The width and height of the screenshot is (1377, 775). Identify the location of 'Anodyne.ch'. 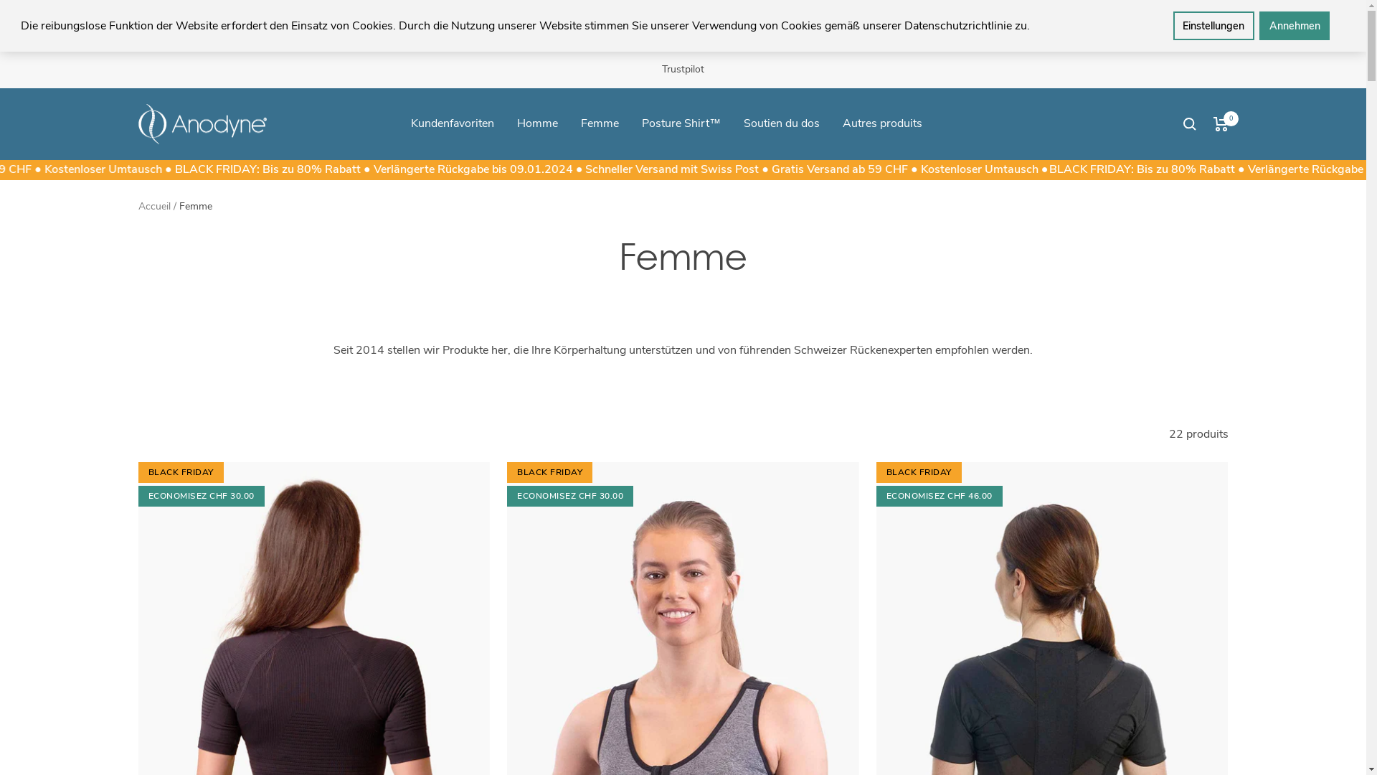
(202, 123).